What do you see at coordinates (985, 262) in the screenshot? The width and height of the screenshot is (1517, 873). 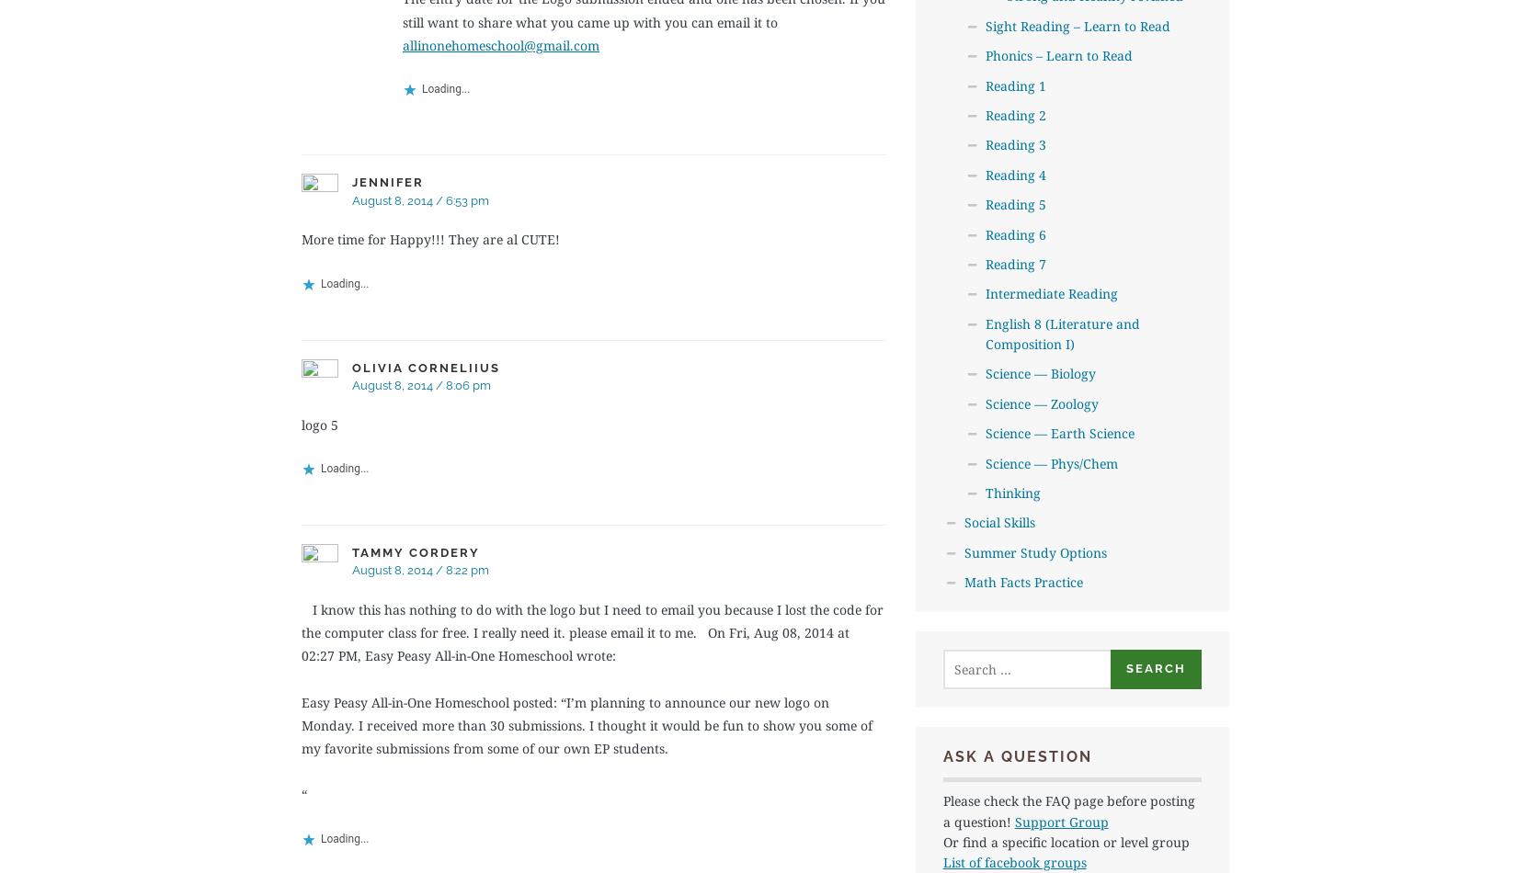 I see `'Reading 7'` at bounding box center [985, 262].